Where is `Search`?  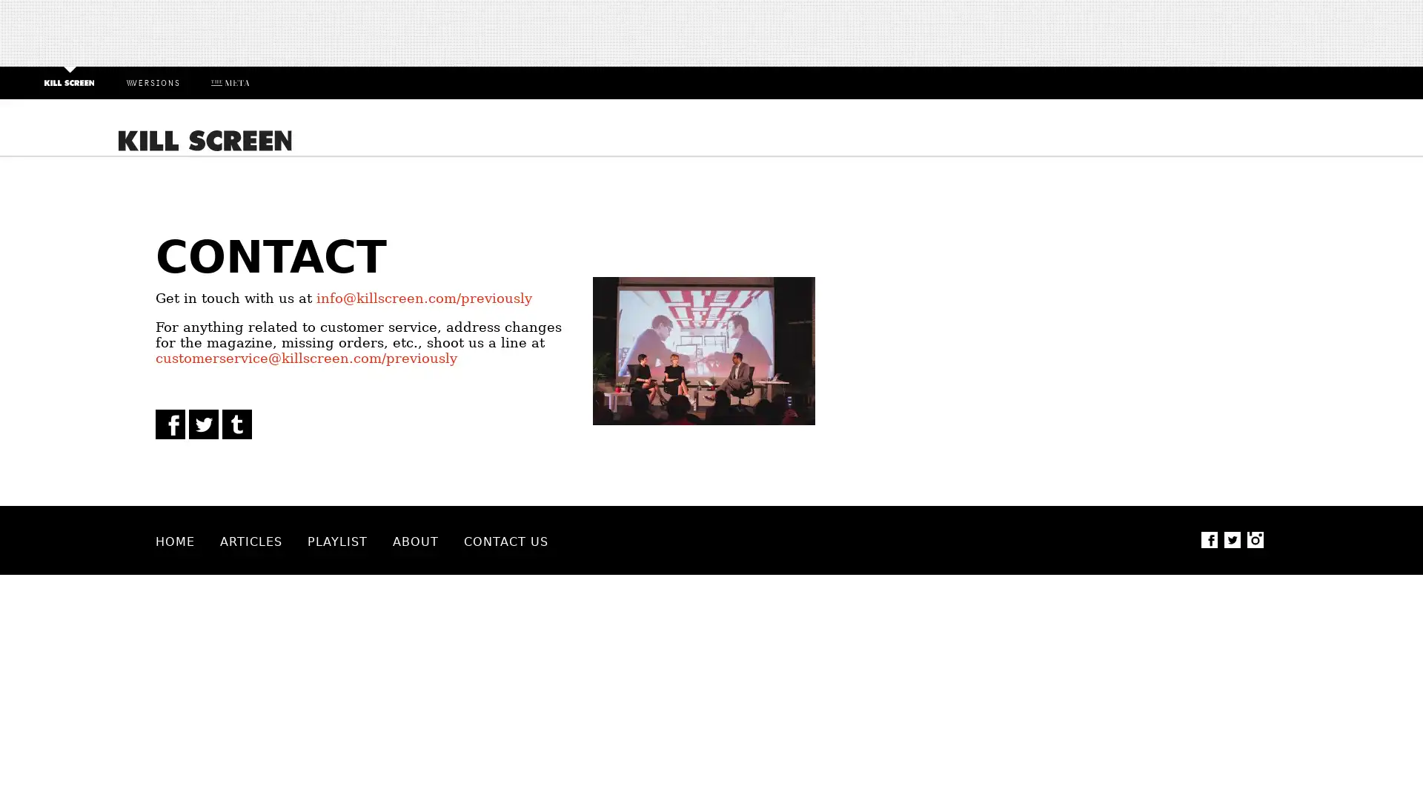
Search is located at coordinates (1231, 144).